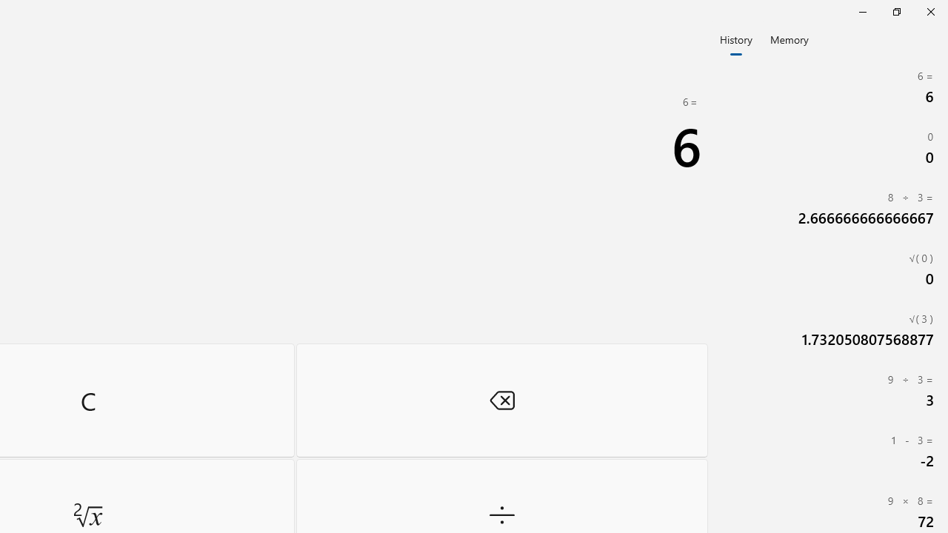 Image resolution: width=948 pixels, height=533 pixels. What do you see at coordinates (895, 11) in the screenshot?
I see `'Restore Calculator'` at bounding box center [895, 11].